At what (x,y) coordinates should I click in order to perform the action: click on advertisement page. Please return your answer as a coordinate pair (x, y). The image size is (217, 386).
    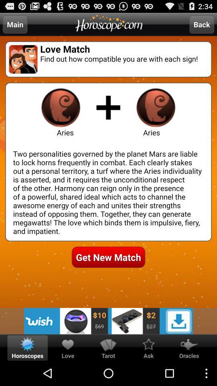
    Looking at the image, I should click on (108, 321).